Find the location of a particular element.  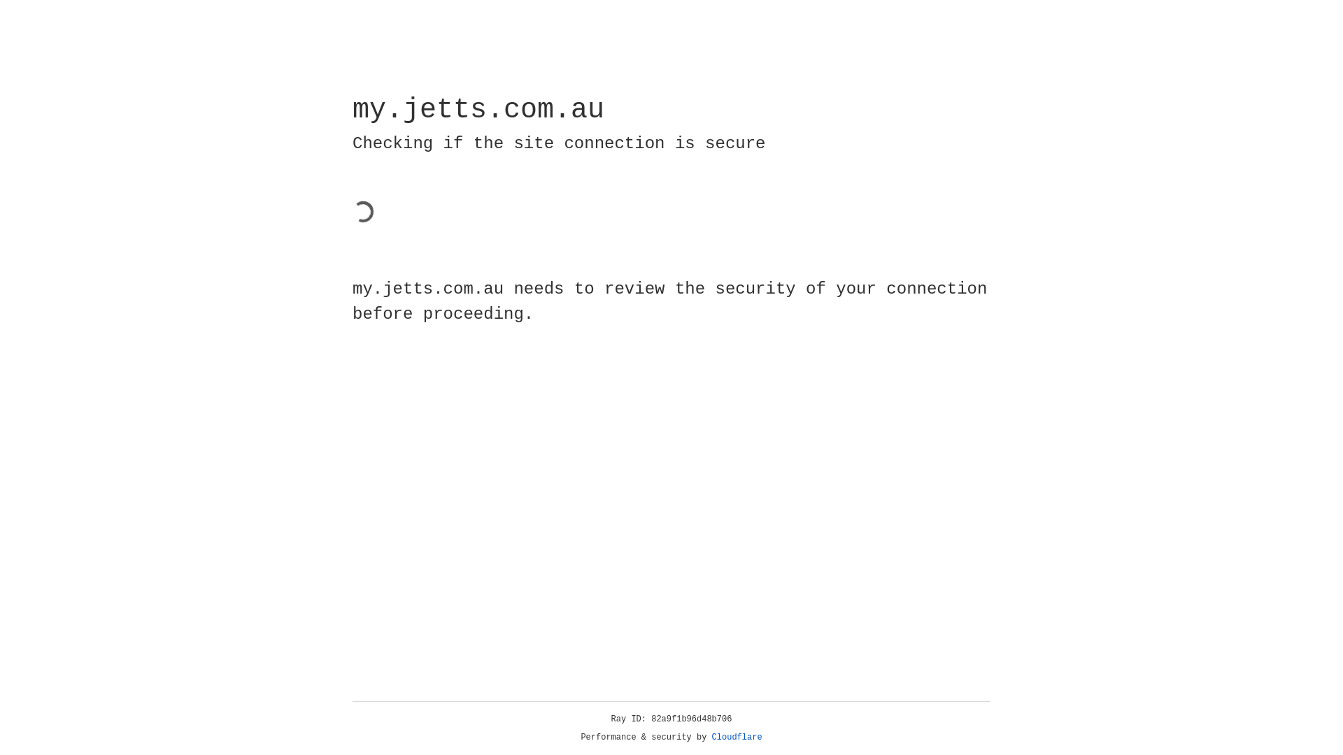

'Cloudflare' is located at coordinates (737, 737).